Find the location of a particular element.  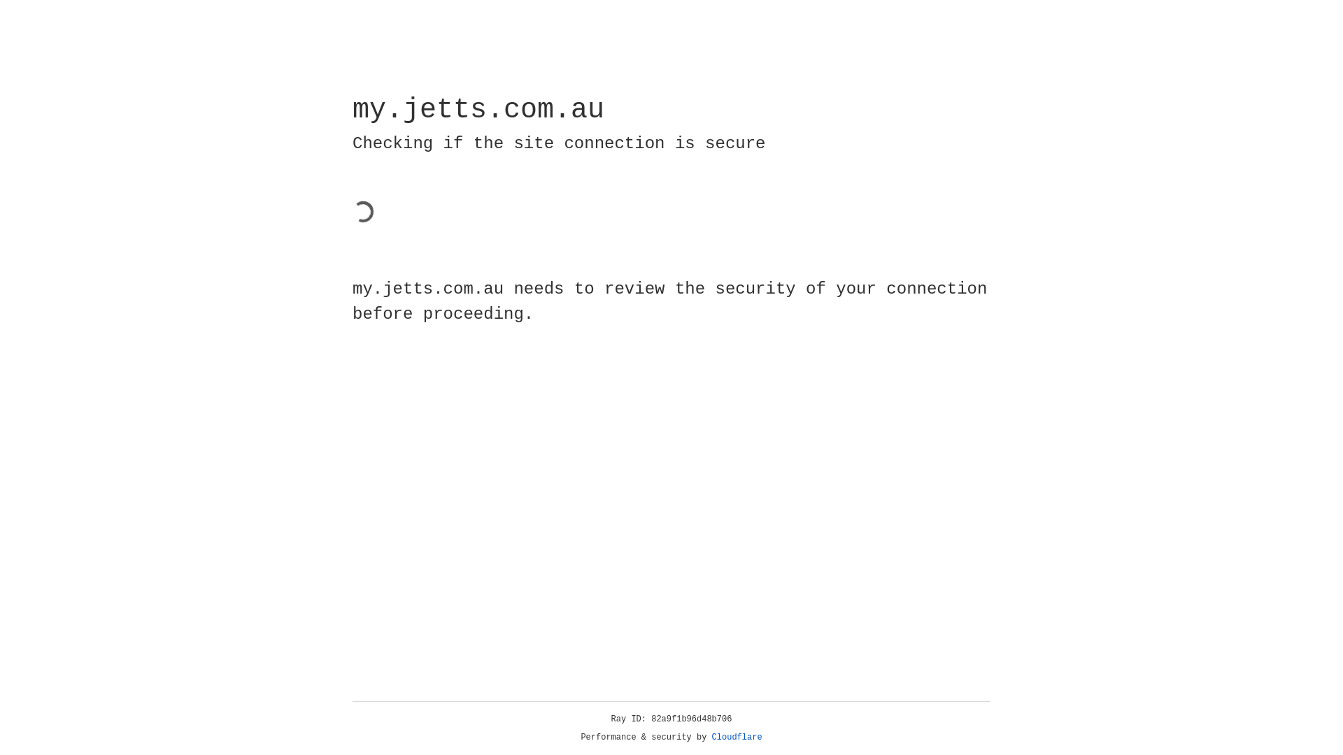

'Cloudflare' is located at coordinates (737, 737).